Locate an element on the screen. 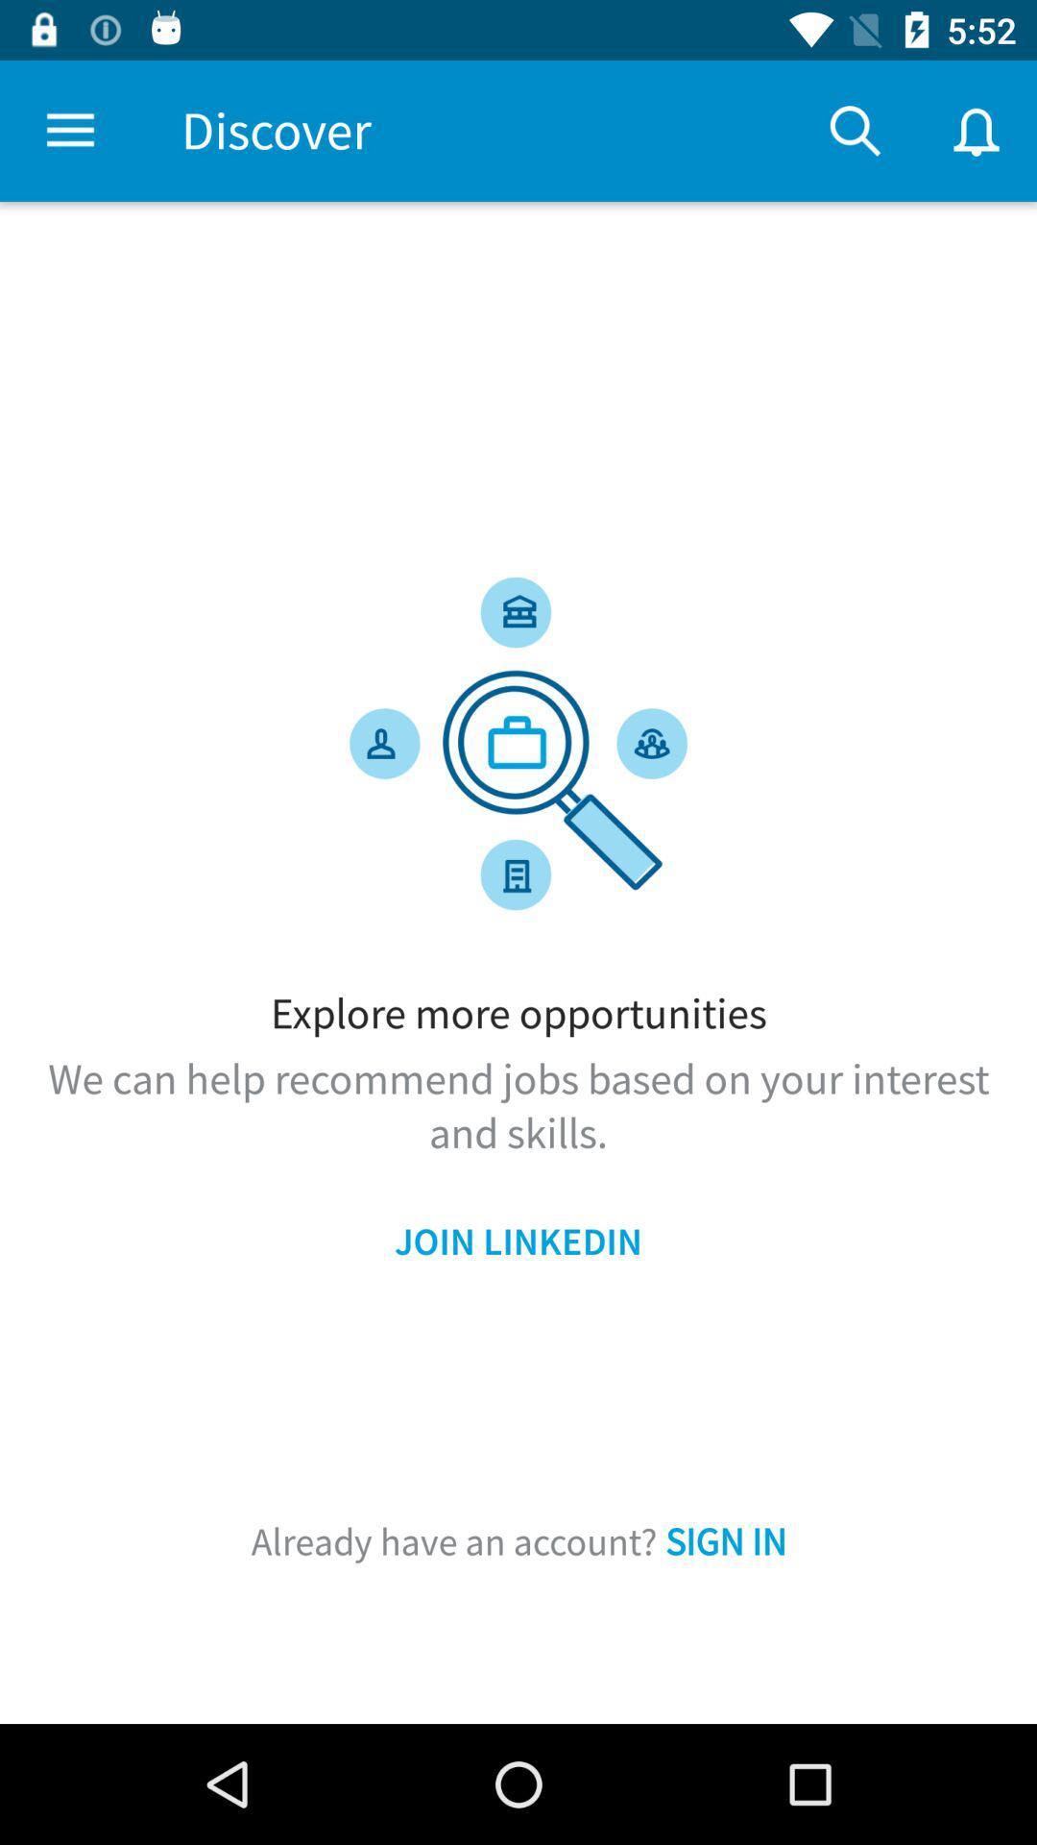 This screenshot has height=1845, width=1037. icon next to the discover is located at coordinates (855, 130).